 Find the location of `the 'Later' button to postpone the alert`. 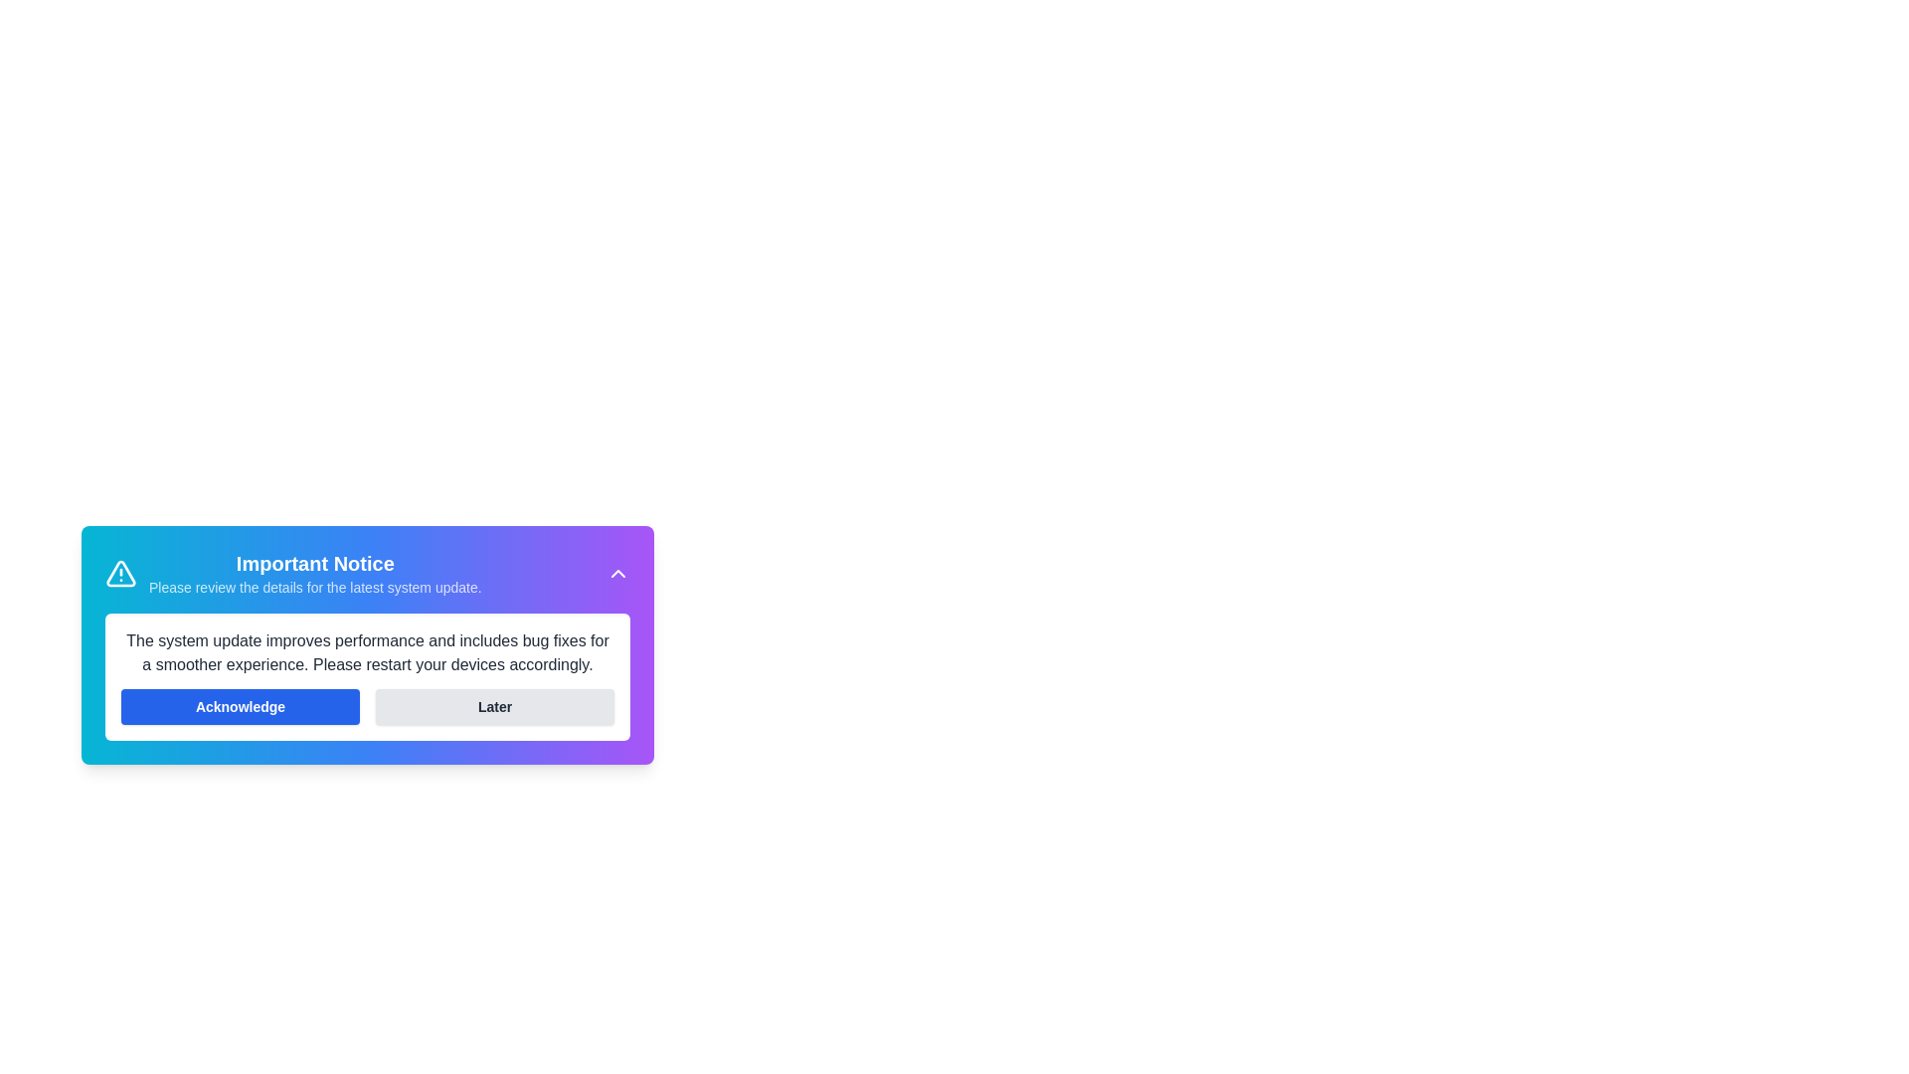

the 'Later' button to postpone the alert is located at coordinates (495, 705).